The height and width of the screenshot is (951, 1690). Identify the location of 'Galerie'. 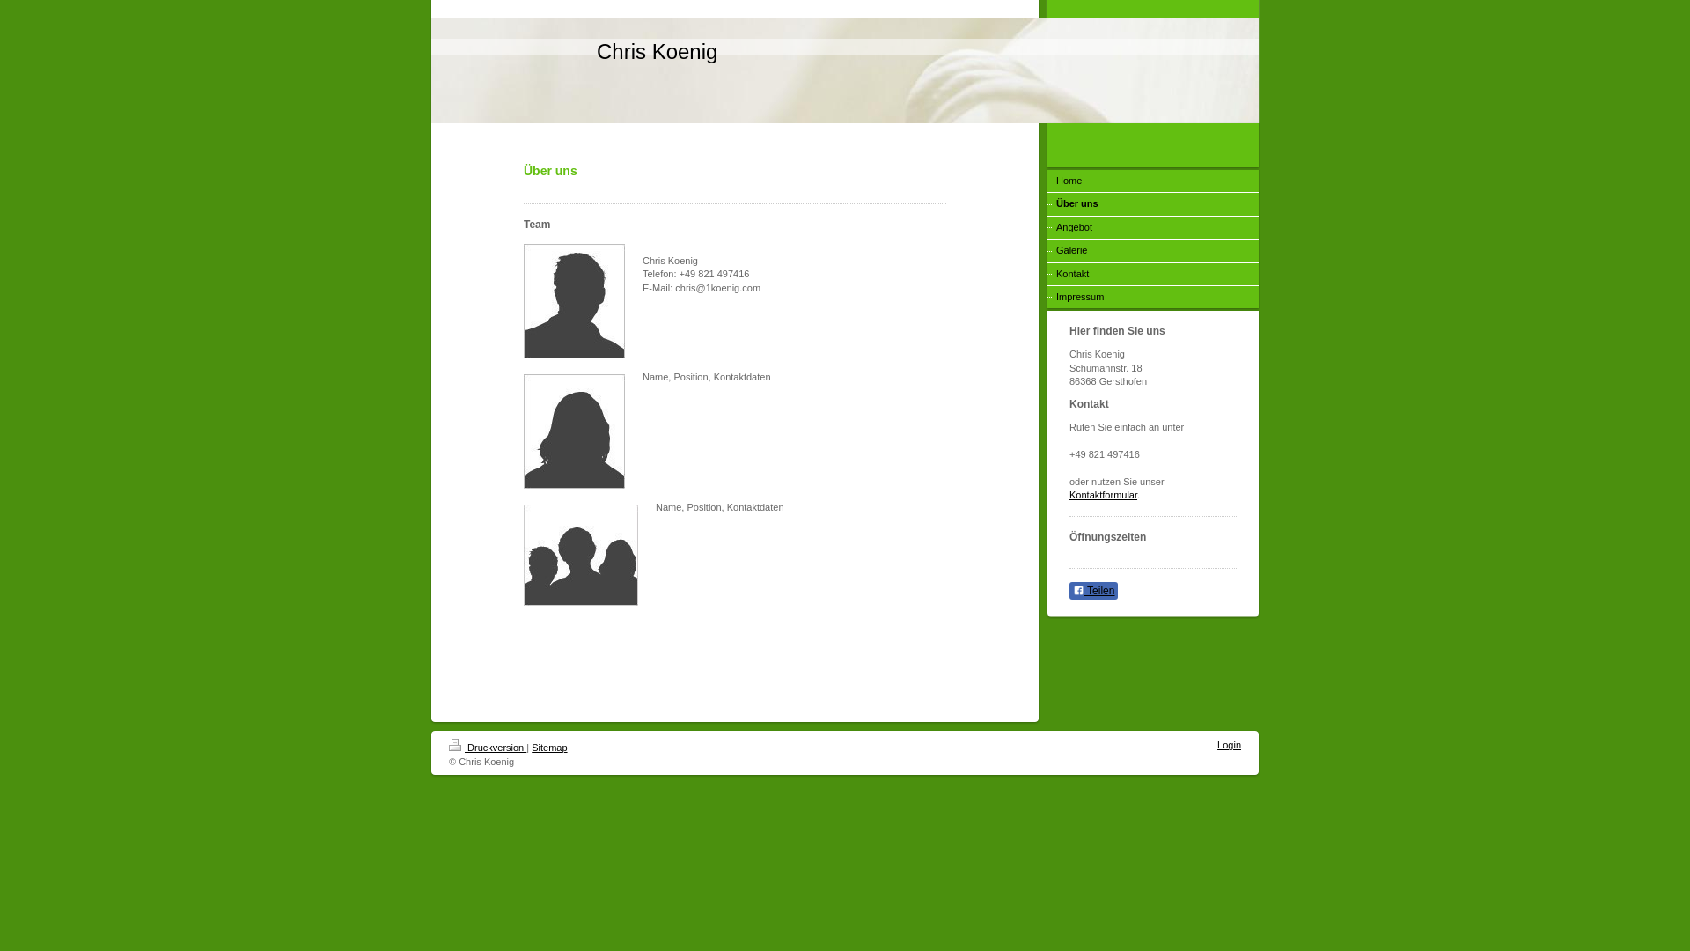
(1047, 250).